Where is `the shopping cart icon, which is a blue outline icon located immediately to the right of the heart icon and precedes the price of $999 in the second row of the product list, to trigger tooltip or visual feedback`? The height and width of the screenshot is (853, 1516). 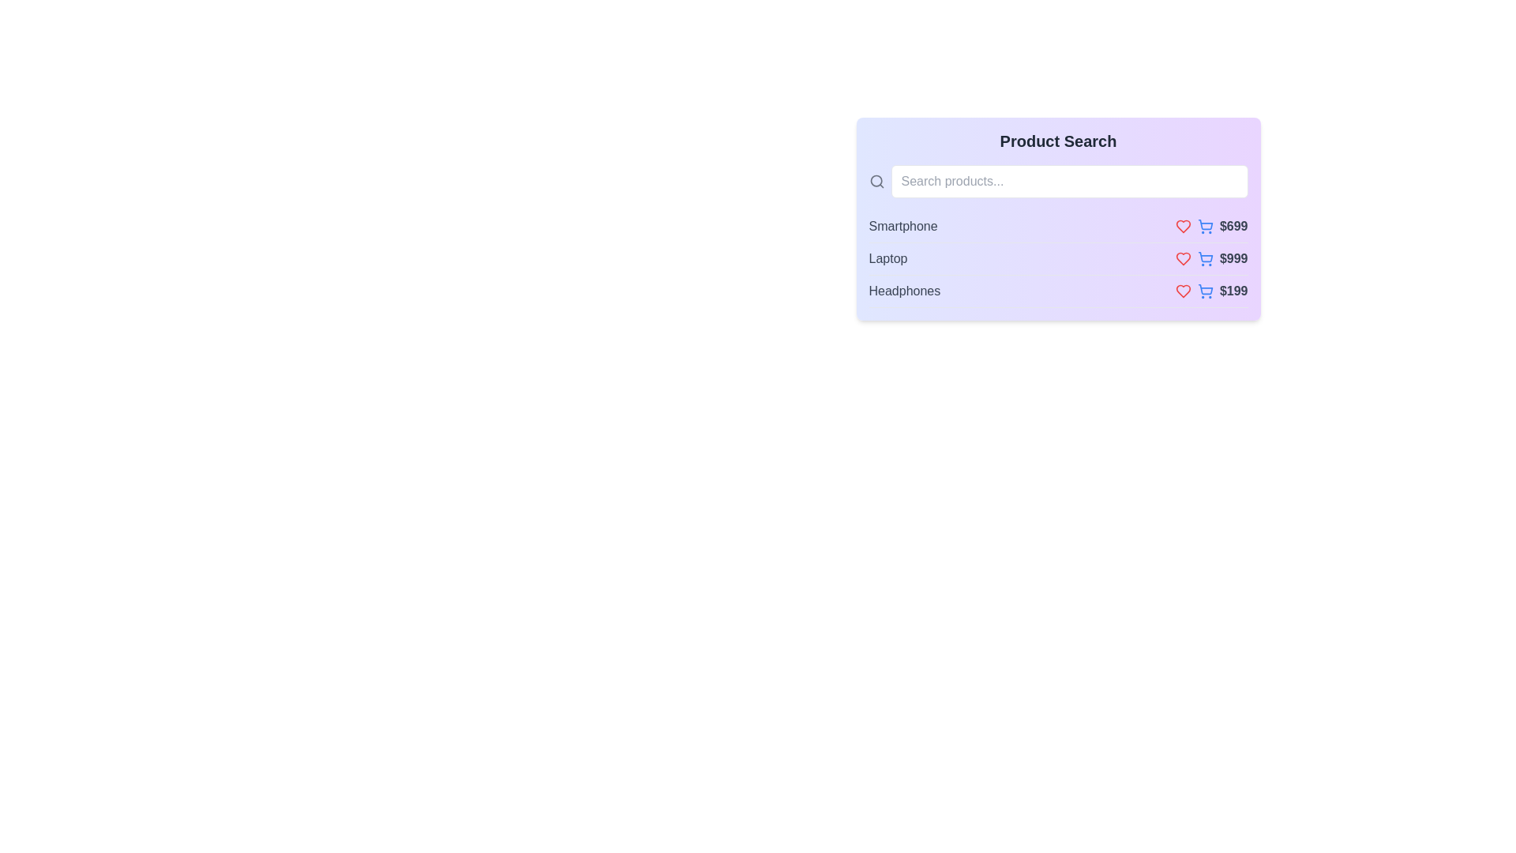 the shopping cart icon, which is a blue outline icon located immediately to the right of the heart icon and precedes the price of $999 in the second row of the product list, to trigger tooltip or visual feedback is located at coordinates (1204, 257).